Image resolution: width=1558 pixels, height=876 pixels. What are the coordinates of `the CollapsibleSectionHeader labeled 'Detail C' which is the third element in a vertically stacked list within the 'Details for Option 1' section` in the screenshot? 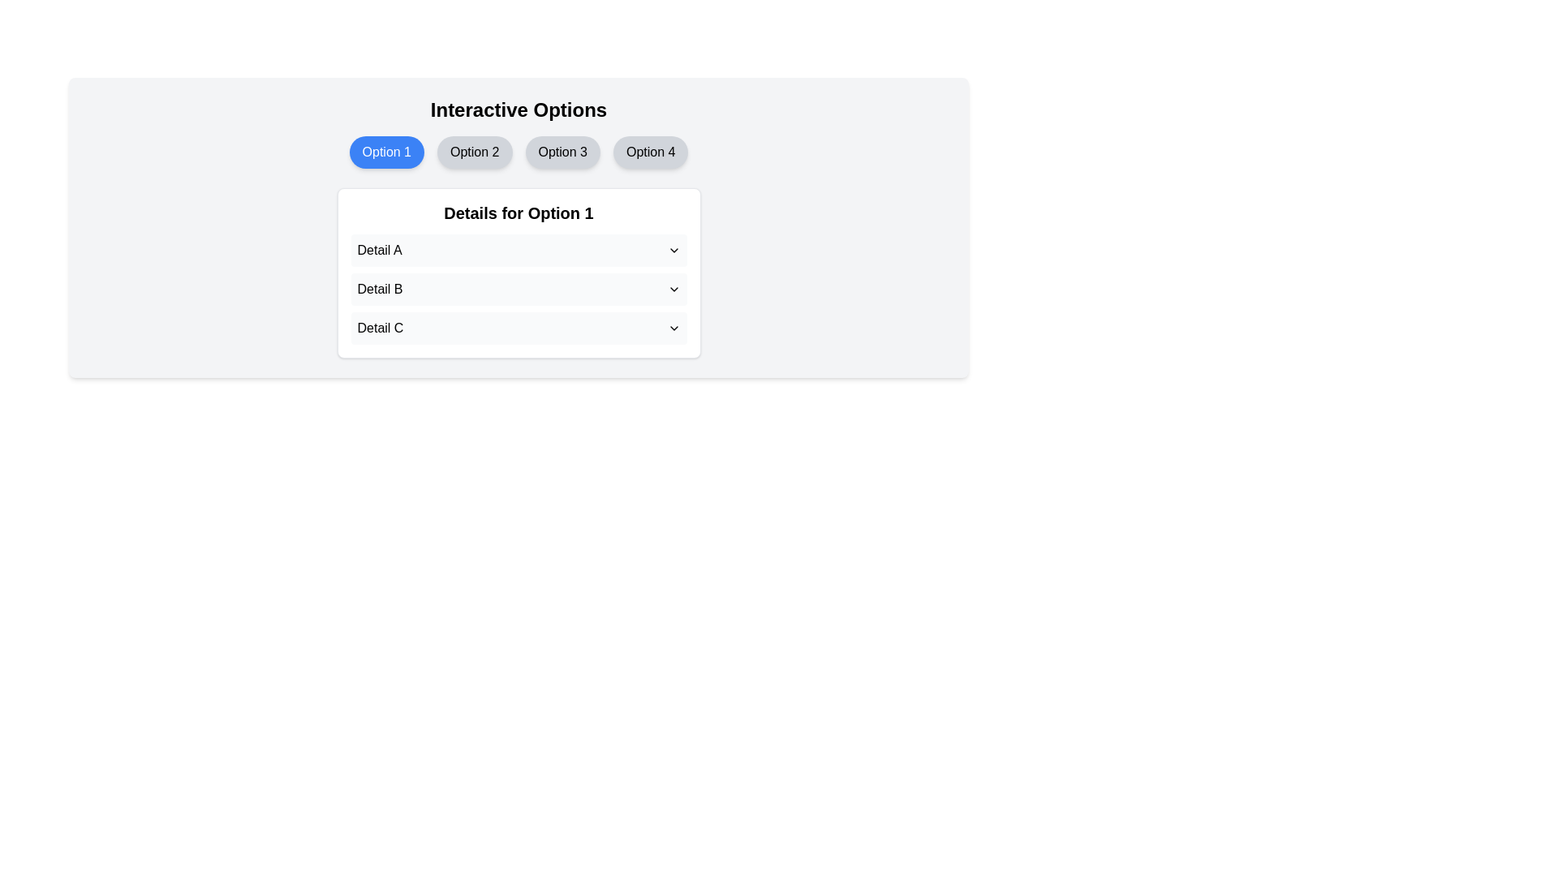 It's located at (518, 328).